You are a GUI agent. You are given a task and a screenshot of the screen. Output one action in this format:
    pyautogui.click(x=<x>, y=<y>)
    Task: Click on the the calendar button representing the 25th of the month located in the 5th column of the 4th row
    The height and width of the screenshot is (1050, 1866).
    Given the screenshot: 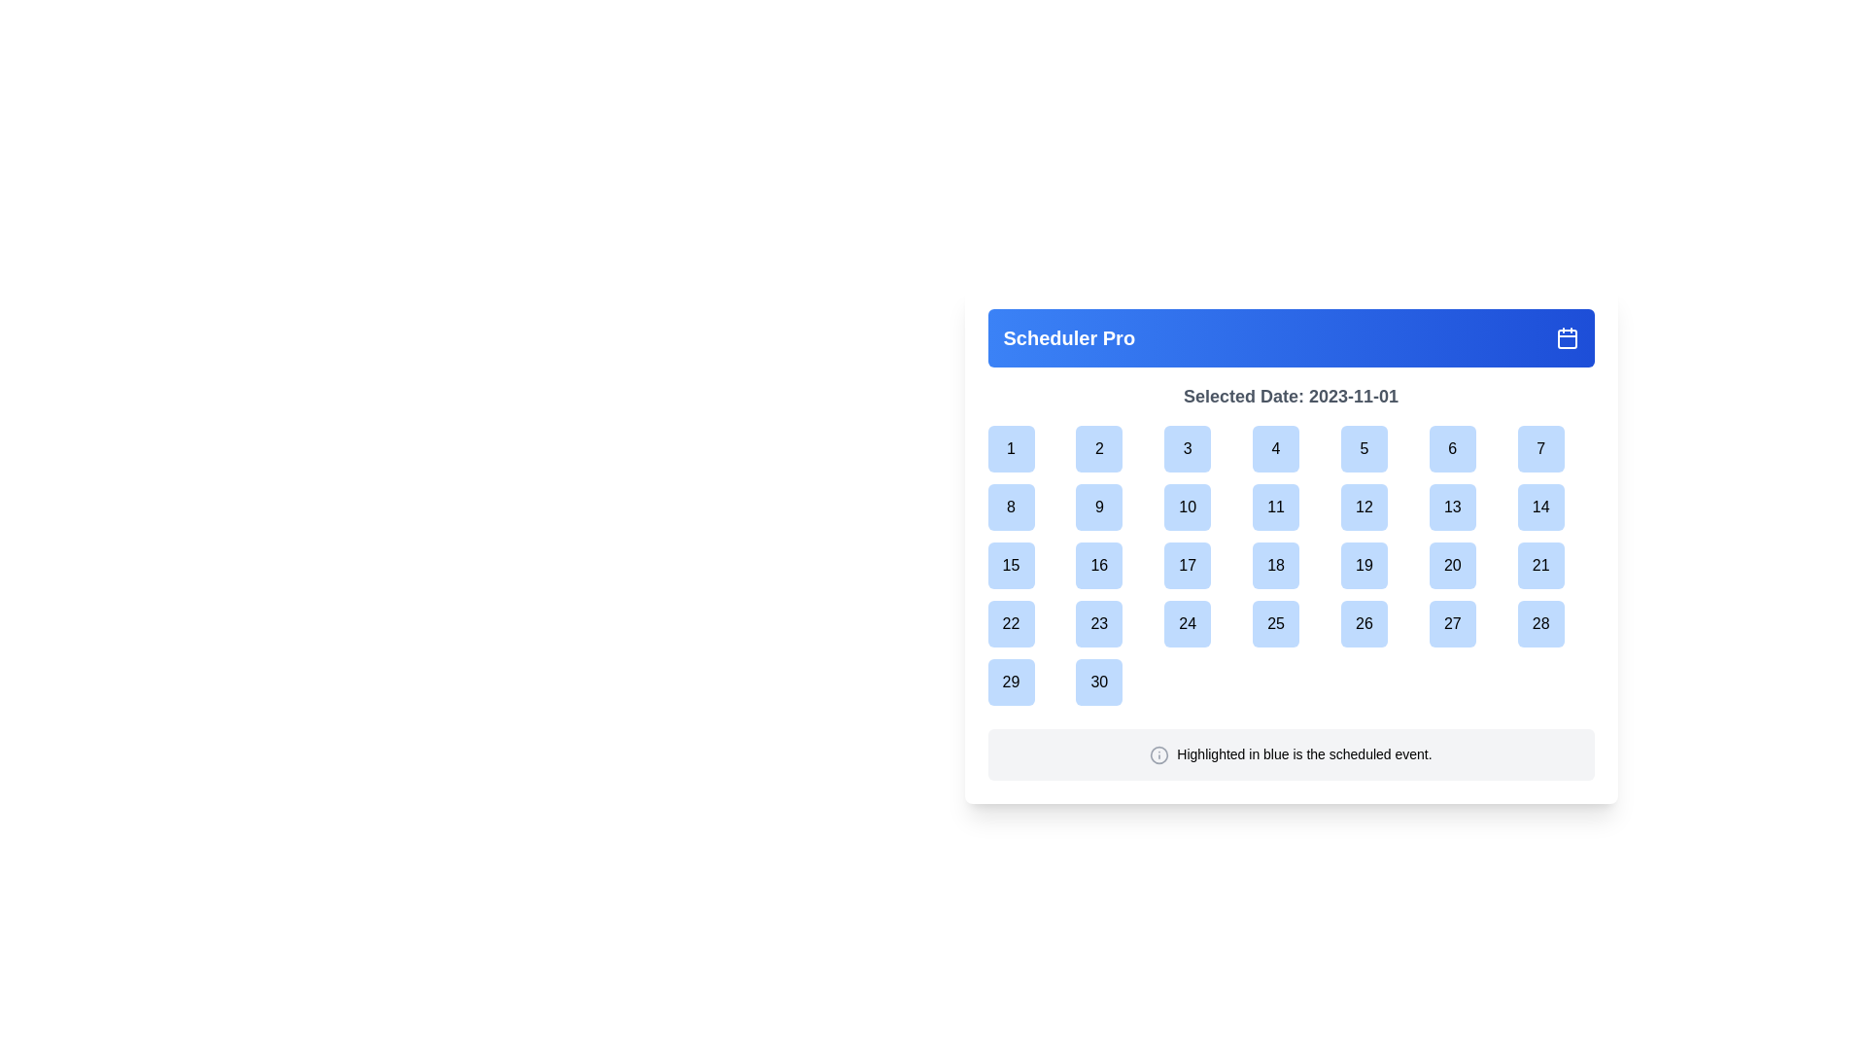 What is the action you would take?
    pyautogui.click(x=1291, y=623)
    